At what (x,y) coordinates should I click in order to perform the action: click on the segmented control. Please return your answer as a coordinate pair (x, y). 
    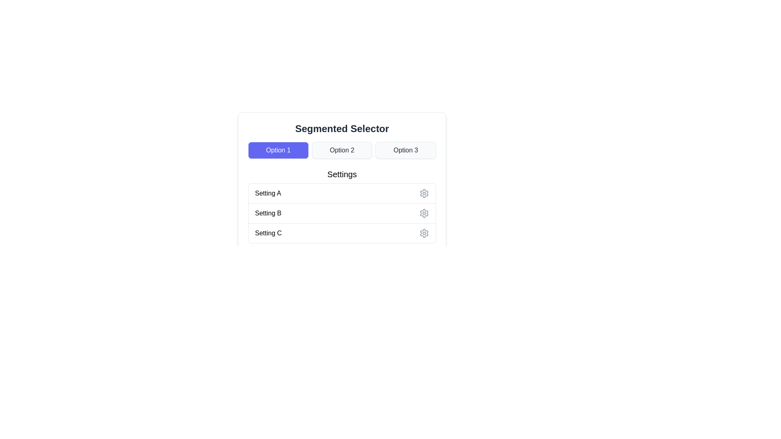
    Looking at the image, I should click on (342, 140).